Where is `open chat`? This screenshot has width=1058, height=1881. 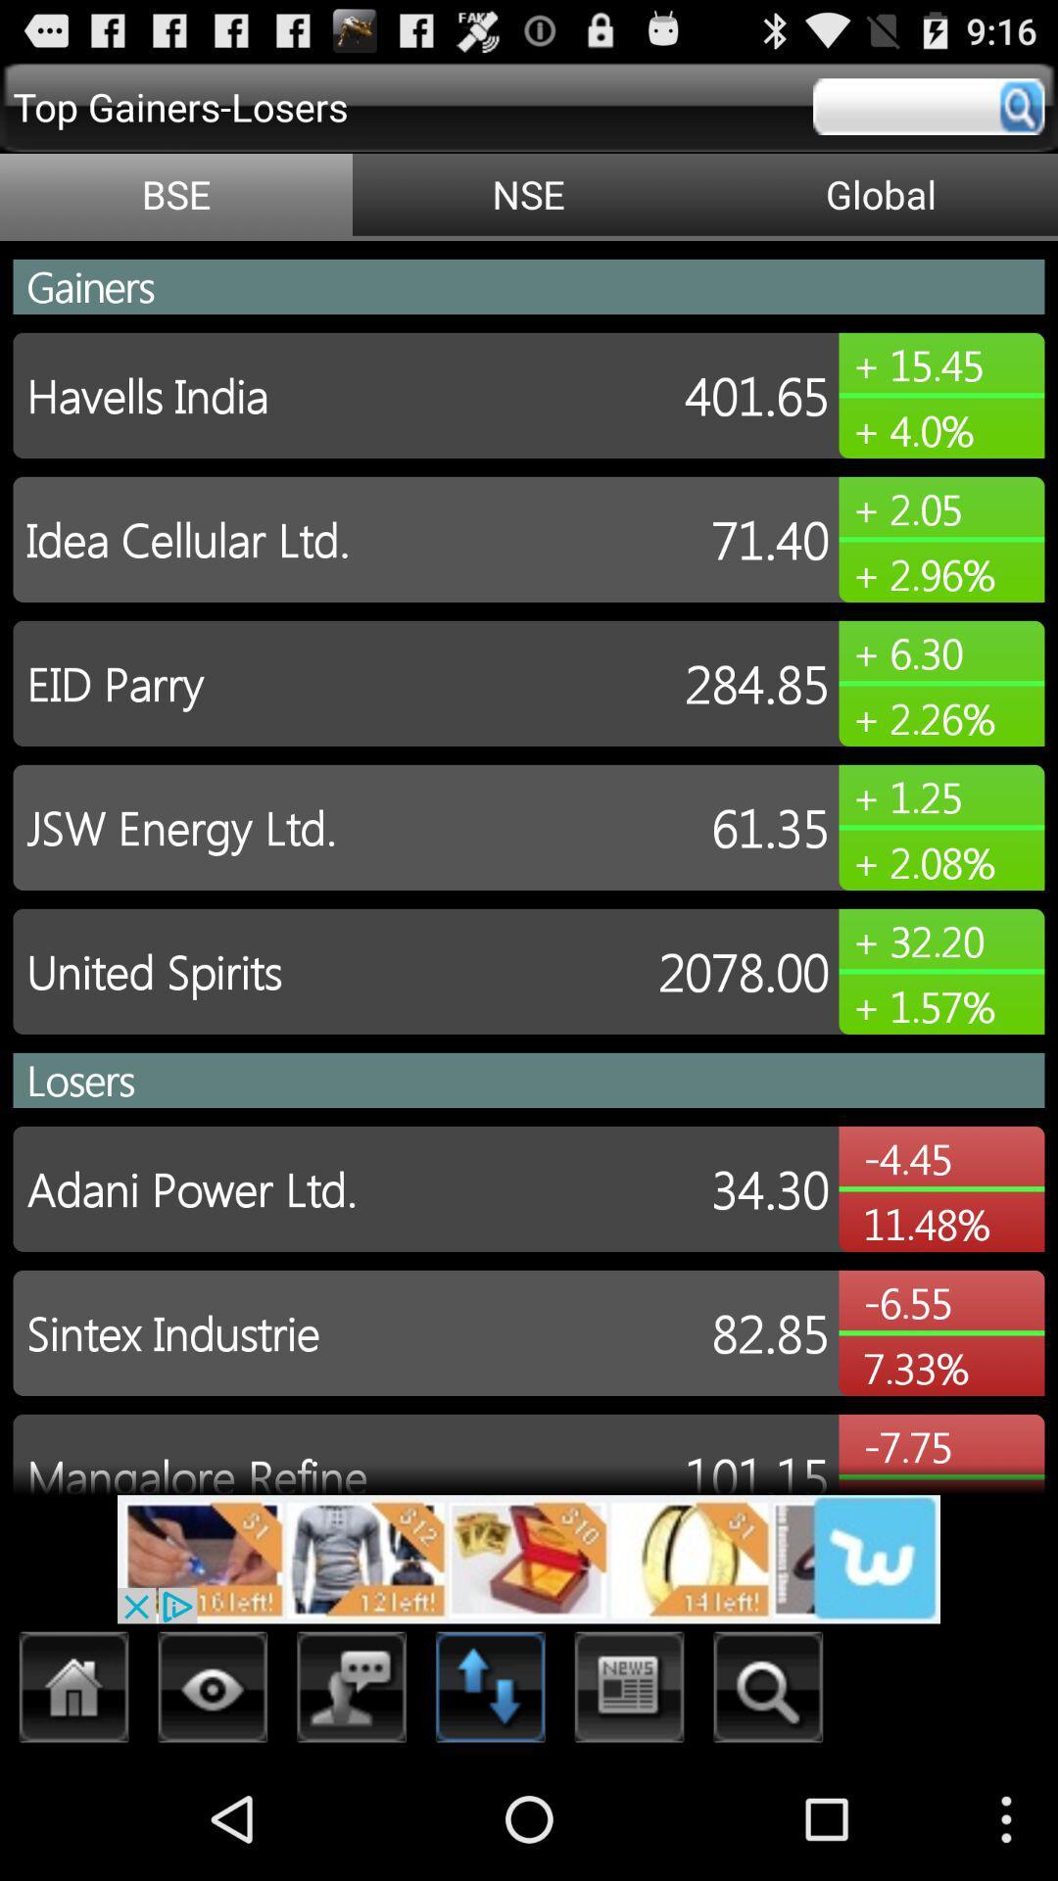
open chat is located at coordinates (351, 1692).